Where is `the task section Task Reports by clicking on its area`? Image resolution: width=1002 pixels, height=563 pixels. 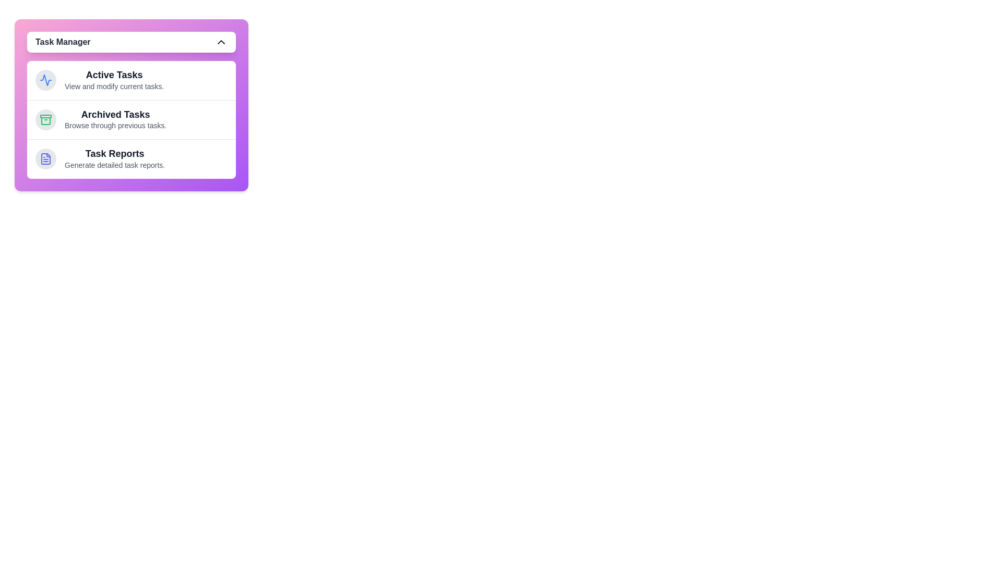
the task section Task Reports by clicking on its area is located at coordinates (131, 158).